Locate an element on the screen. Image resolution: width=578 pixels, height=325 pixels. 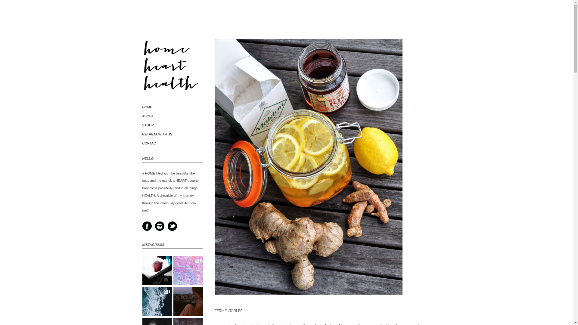
'ABOUT' is located at coordinates (141, 116).